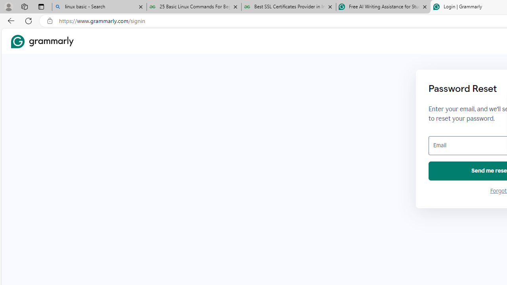 This screenshot has width=507, height=285. What do you see at coordinates (383, 7) in the screenshot?
I see `'Free AI Writing Assistance for Students | Grammarly'` at bounding box center [383, 7].